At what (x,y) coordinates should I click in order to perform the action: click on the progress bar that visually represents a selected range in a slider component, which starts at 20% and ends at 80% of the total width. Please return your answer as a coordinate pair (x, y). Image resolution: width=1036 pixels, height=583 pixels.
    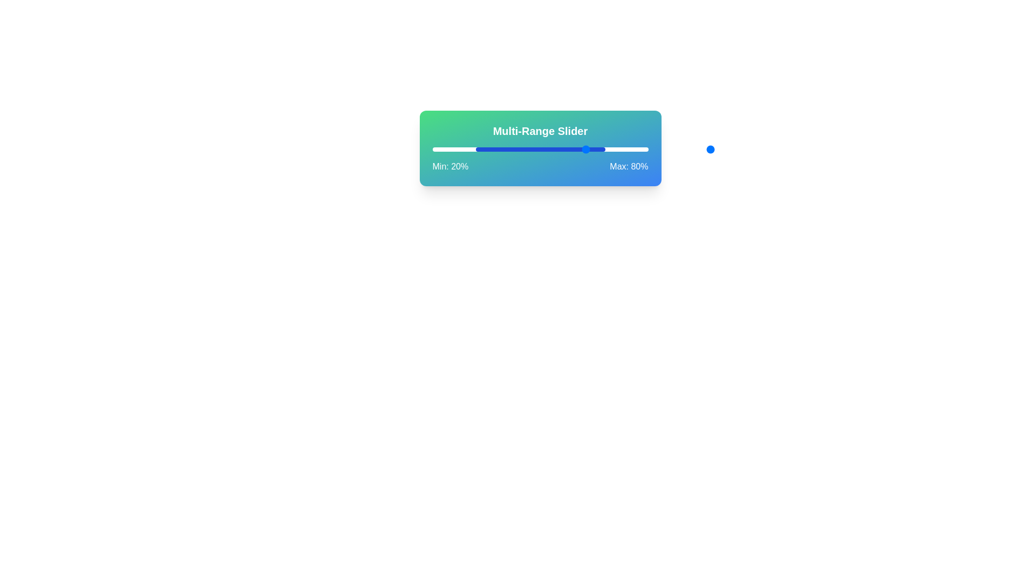
    Looking at the image, I should click on (540, 150).